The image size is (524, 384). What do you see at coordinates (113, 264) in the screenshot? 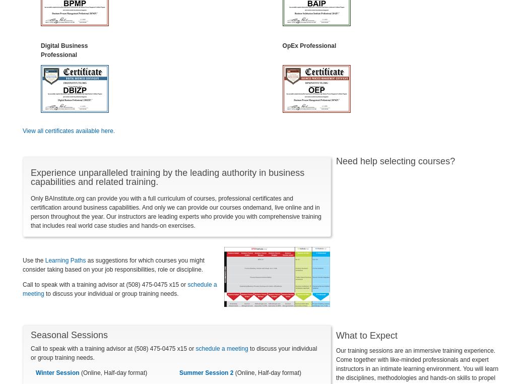
I see `'as suggestions for which courses you might consider taking based on your job responsibilities, role or discipline.'` at bounding box center [113, 264].